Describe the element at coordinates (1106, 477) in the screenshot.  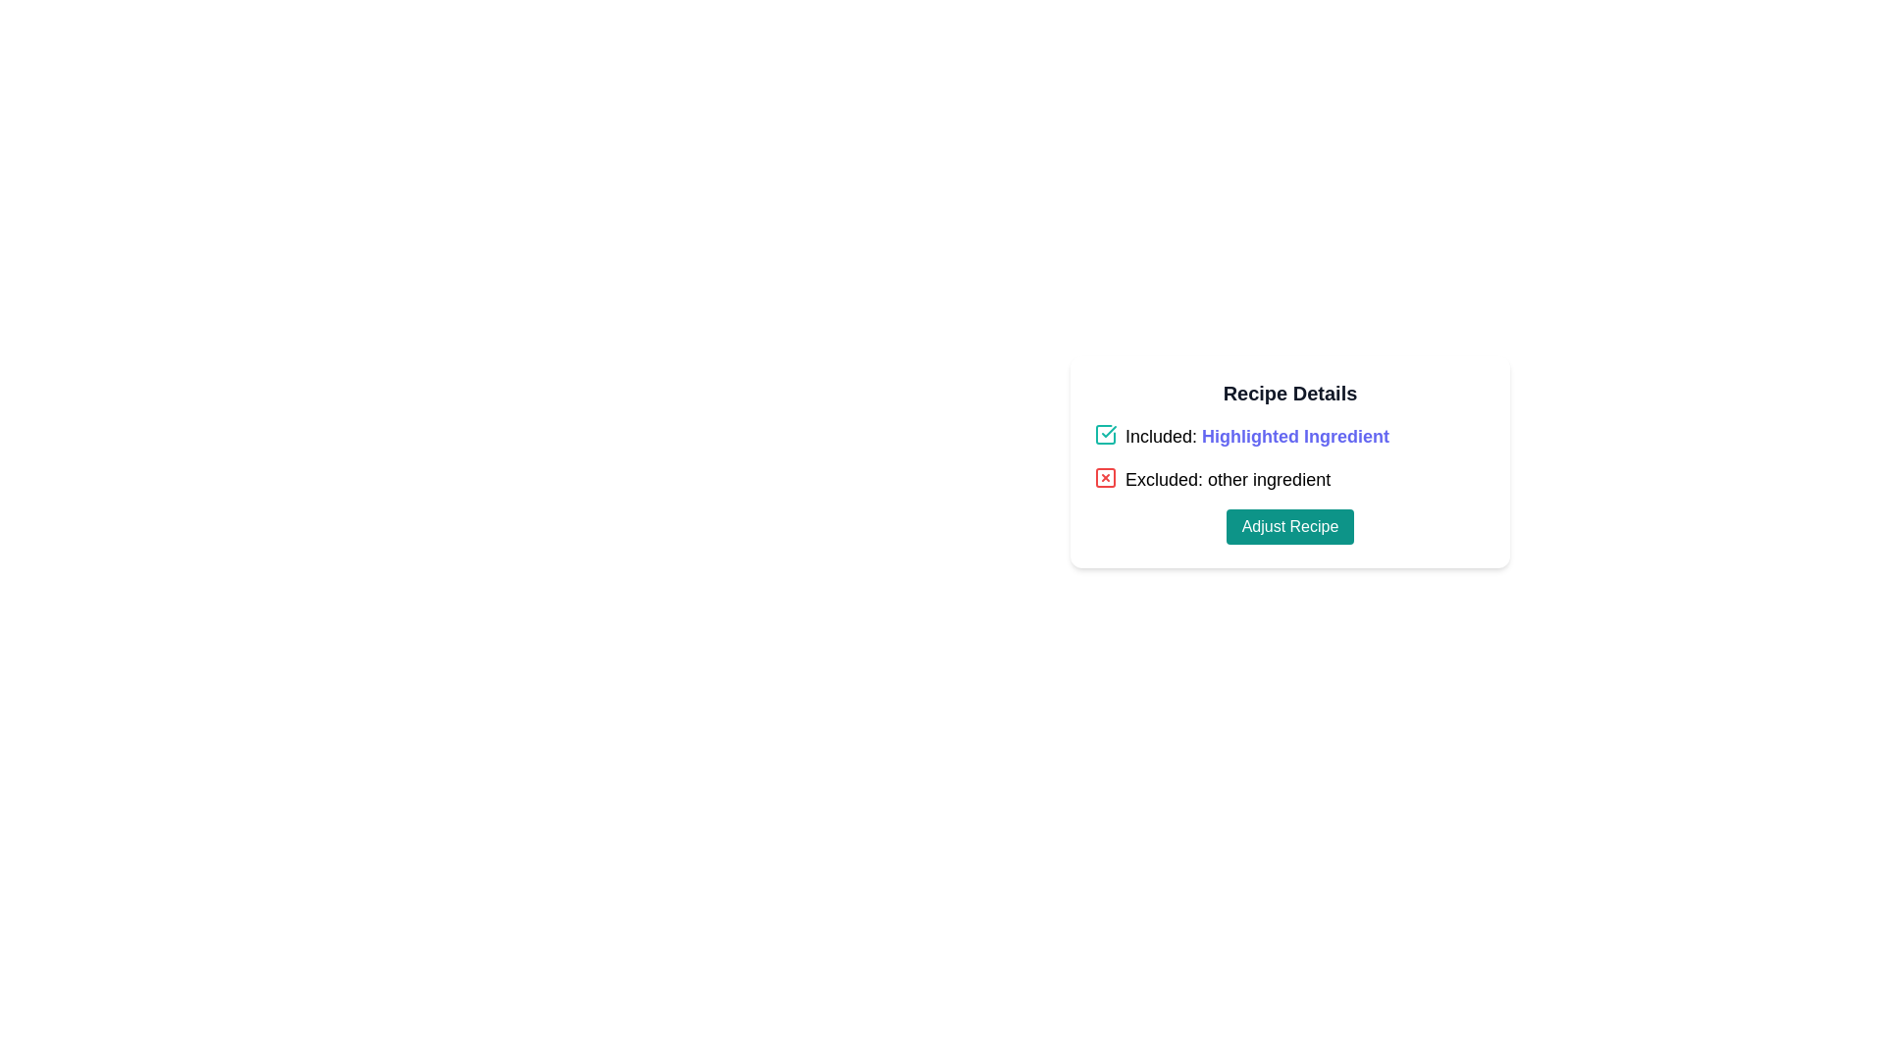
I see `the exclusion icon that visually indicates the status of 'other ingredient', located to the left of the text 'Excluded: other ingredient' in the Recipe Details card` at that location.